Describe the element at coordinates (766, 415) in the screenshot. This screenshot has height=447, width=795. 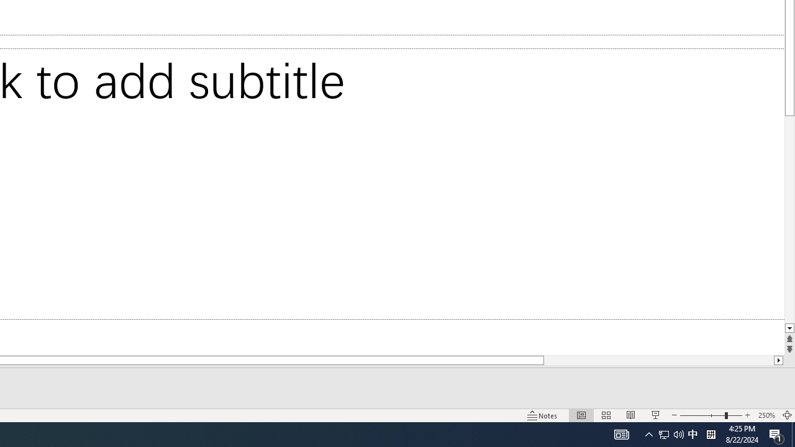
I see `'Zoom 250%'` at that location.